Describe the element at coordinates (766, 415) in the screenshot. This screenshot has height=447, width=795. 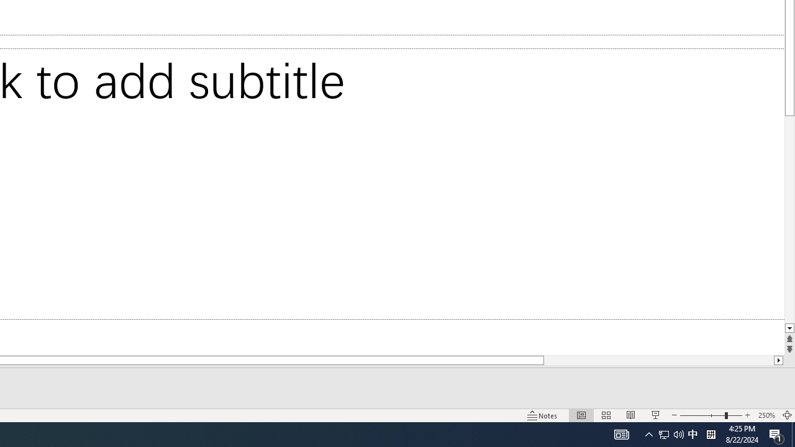
I see `'Zoom 250%'` at that location.